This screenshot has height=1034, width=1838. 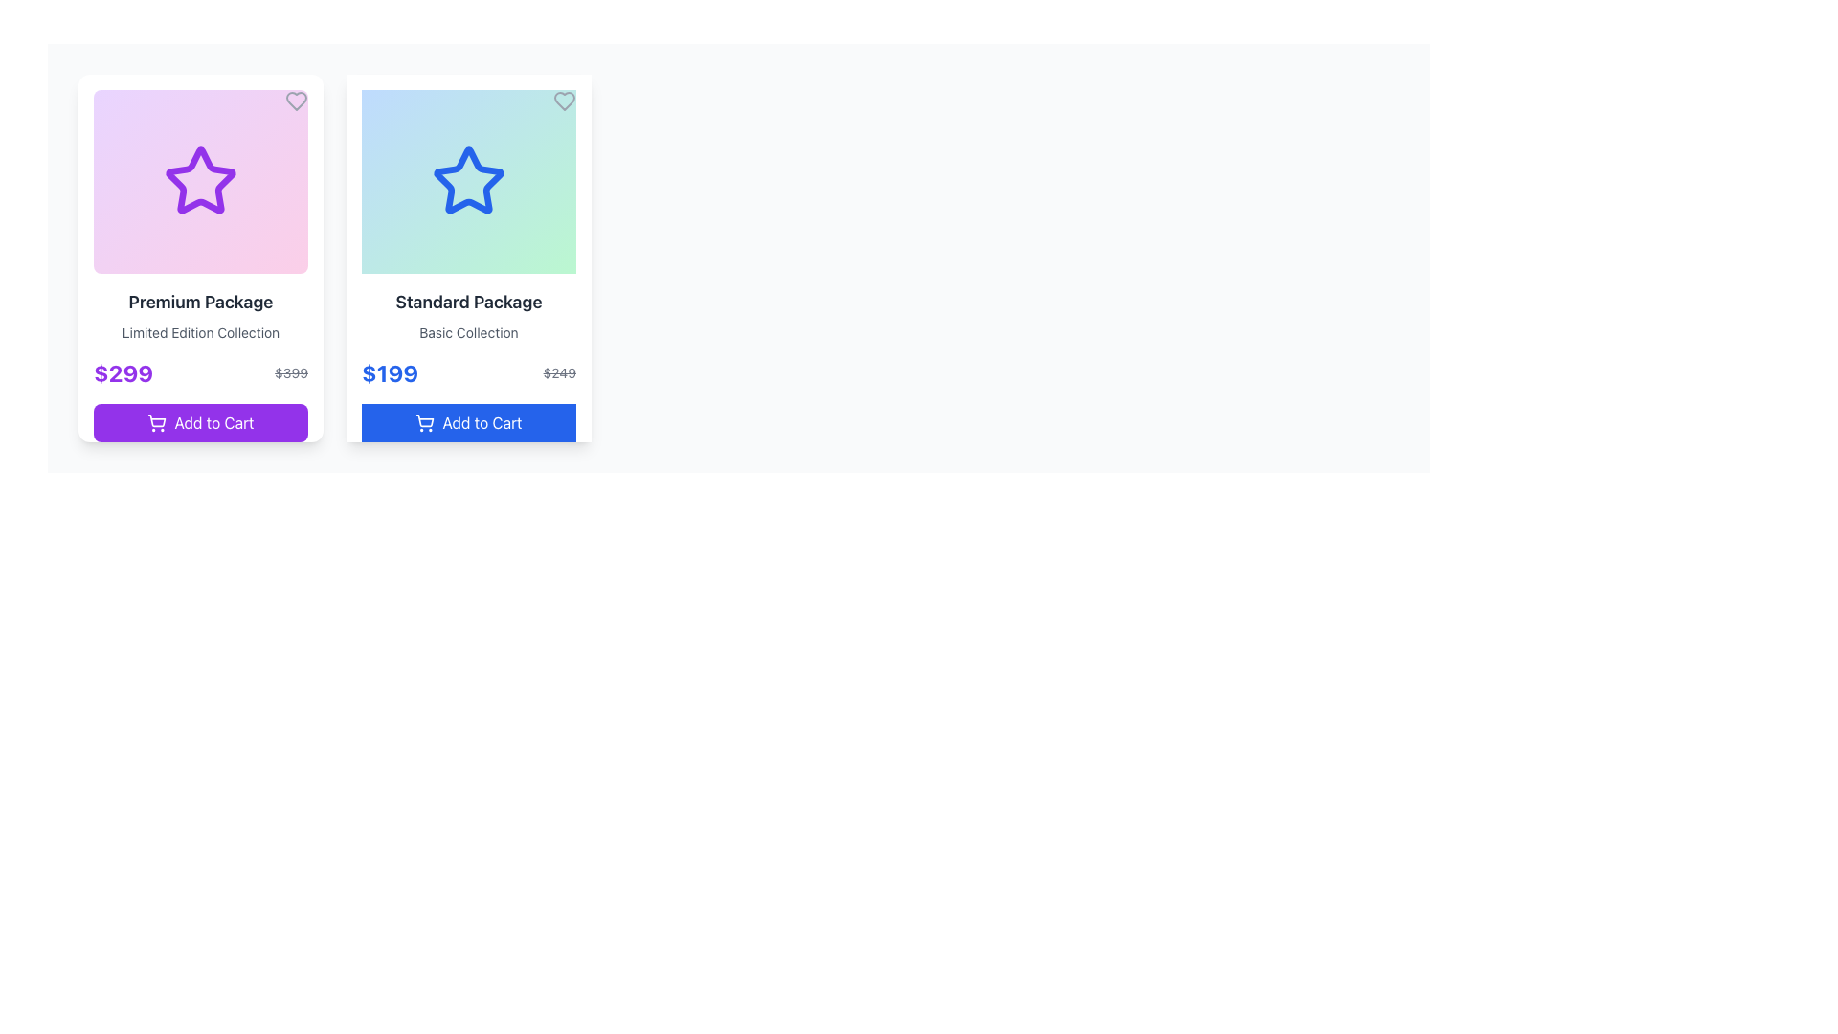 What do you see at coordinates (296, 101) in the screenshot?
I see `the heart icon located in the top-right corner of the 'Premium Package' card to favorite or unfavorite the associated item` at bounding box center [296, 101].